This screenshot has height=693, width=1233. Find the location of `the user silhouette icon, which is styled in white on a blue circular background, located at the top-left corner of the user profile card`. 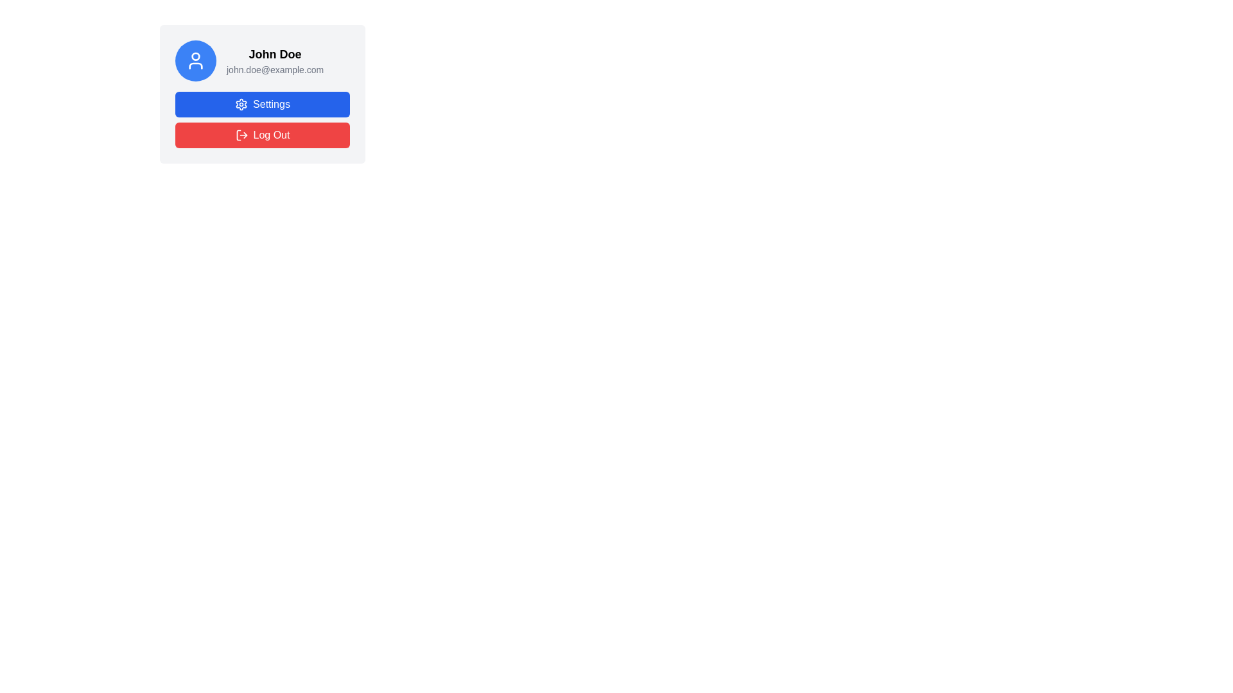

the user silhouette icon, which is styled in white on a blue circular background, located at the top-left corner of the user profile card is located at coordinates (195, 61).